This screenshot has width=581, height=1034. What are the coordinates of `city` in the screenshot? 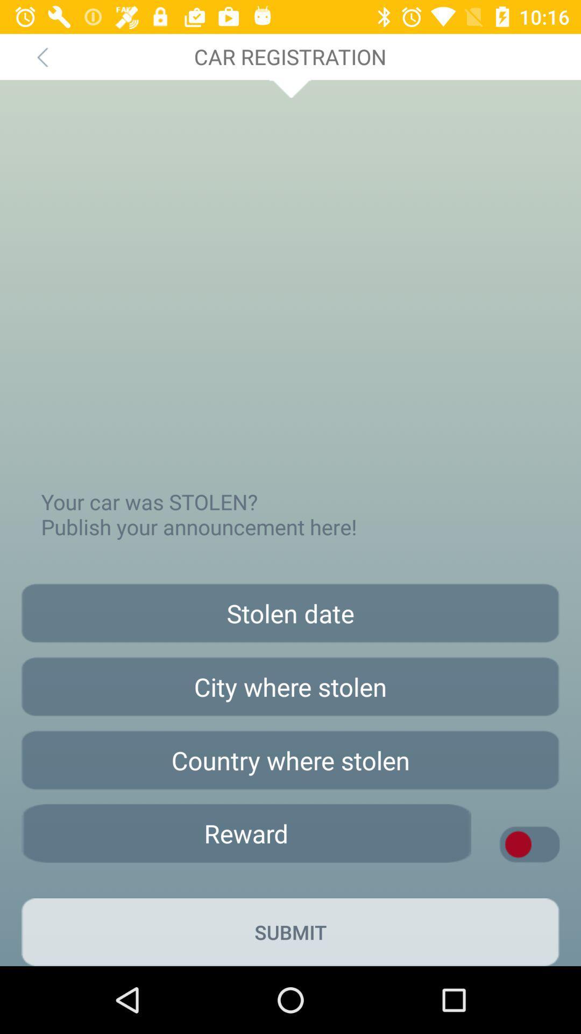 It's located at (290, 686).